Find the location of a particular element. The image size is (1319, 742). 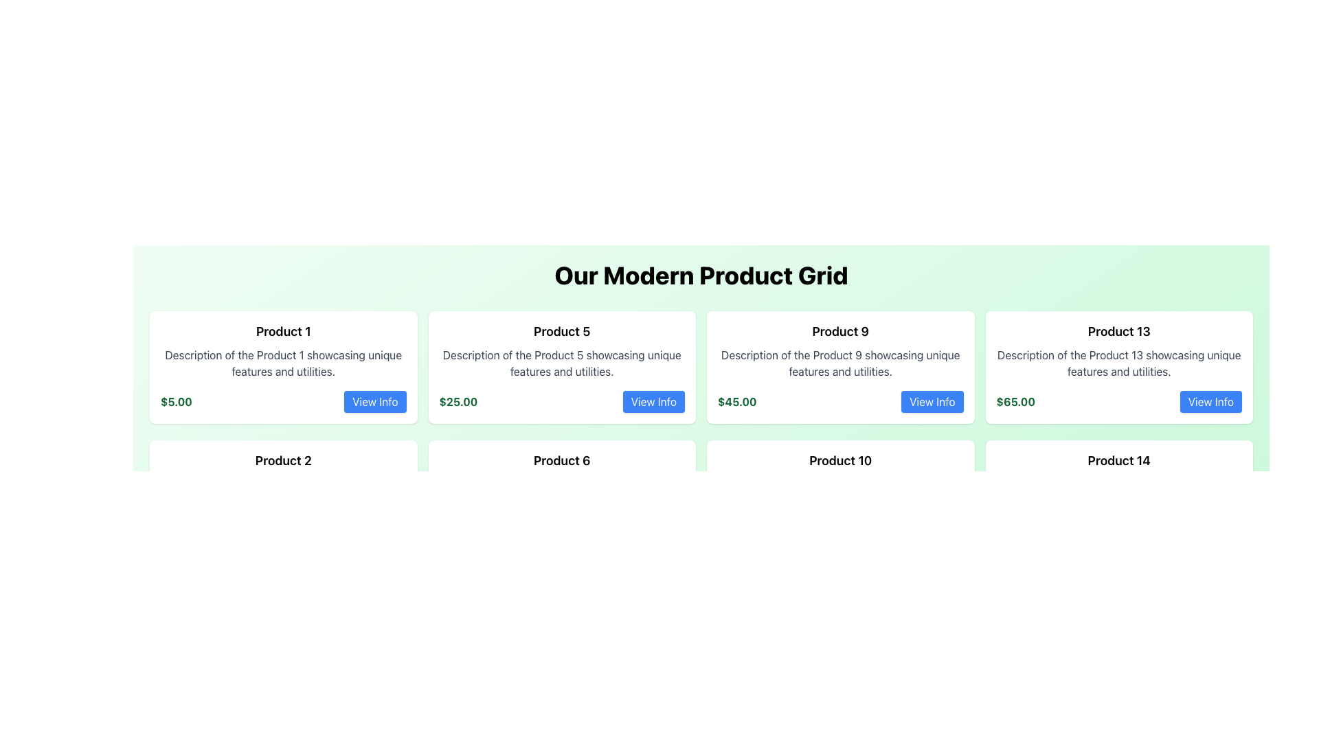

the information button located in the bottom-right position of the 'Product 9' card, next to the text '$45.00' is located at coordinates (932, 402).